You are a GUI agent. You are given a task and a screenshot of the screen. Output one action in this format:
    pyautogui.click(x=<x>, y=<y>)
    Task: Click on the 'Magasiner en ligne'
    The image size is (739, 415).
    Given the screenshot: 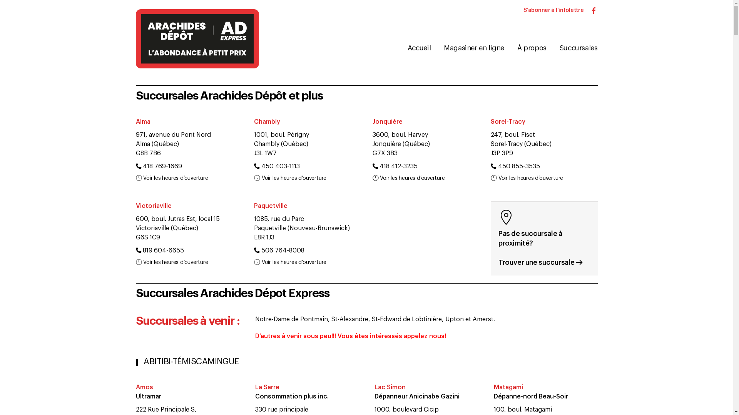 What is the action you would take?
    pyautogui.click(x=436, y=48)
    